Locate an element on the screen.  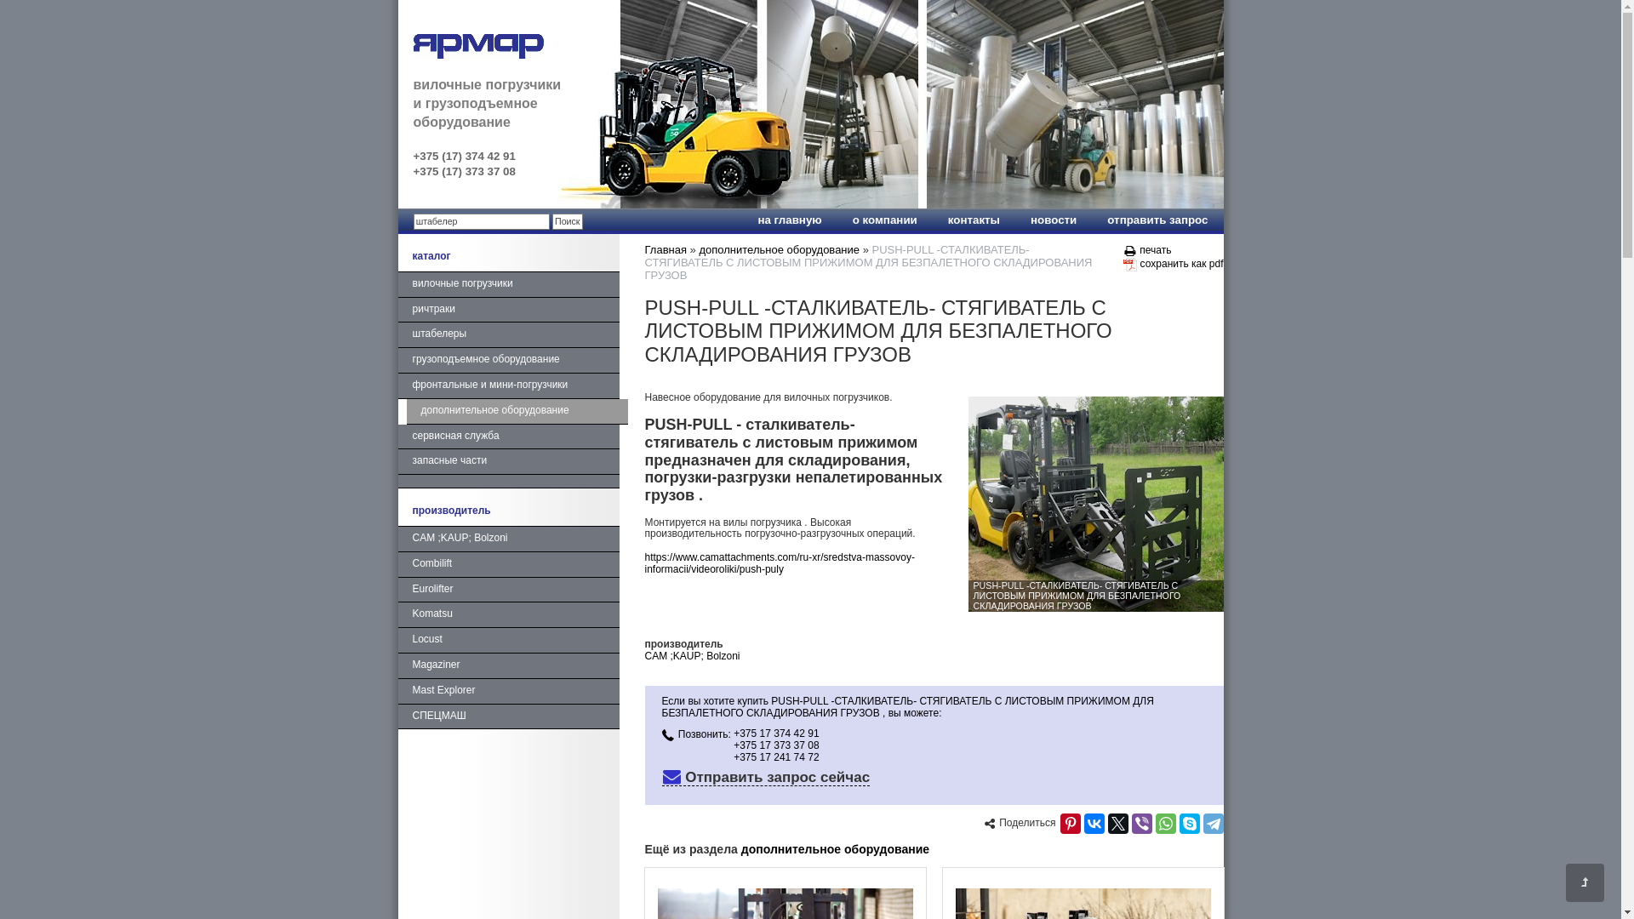
'Telegram' is located at coordinates (1203, 823).